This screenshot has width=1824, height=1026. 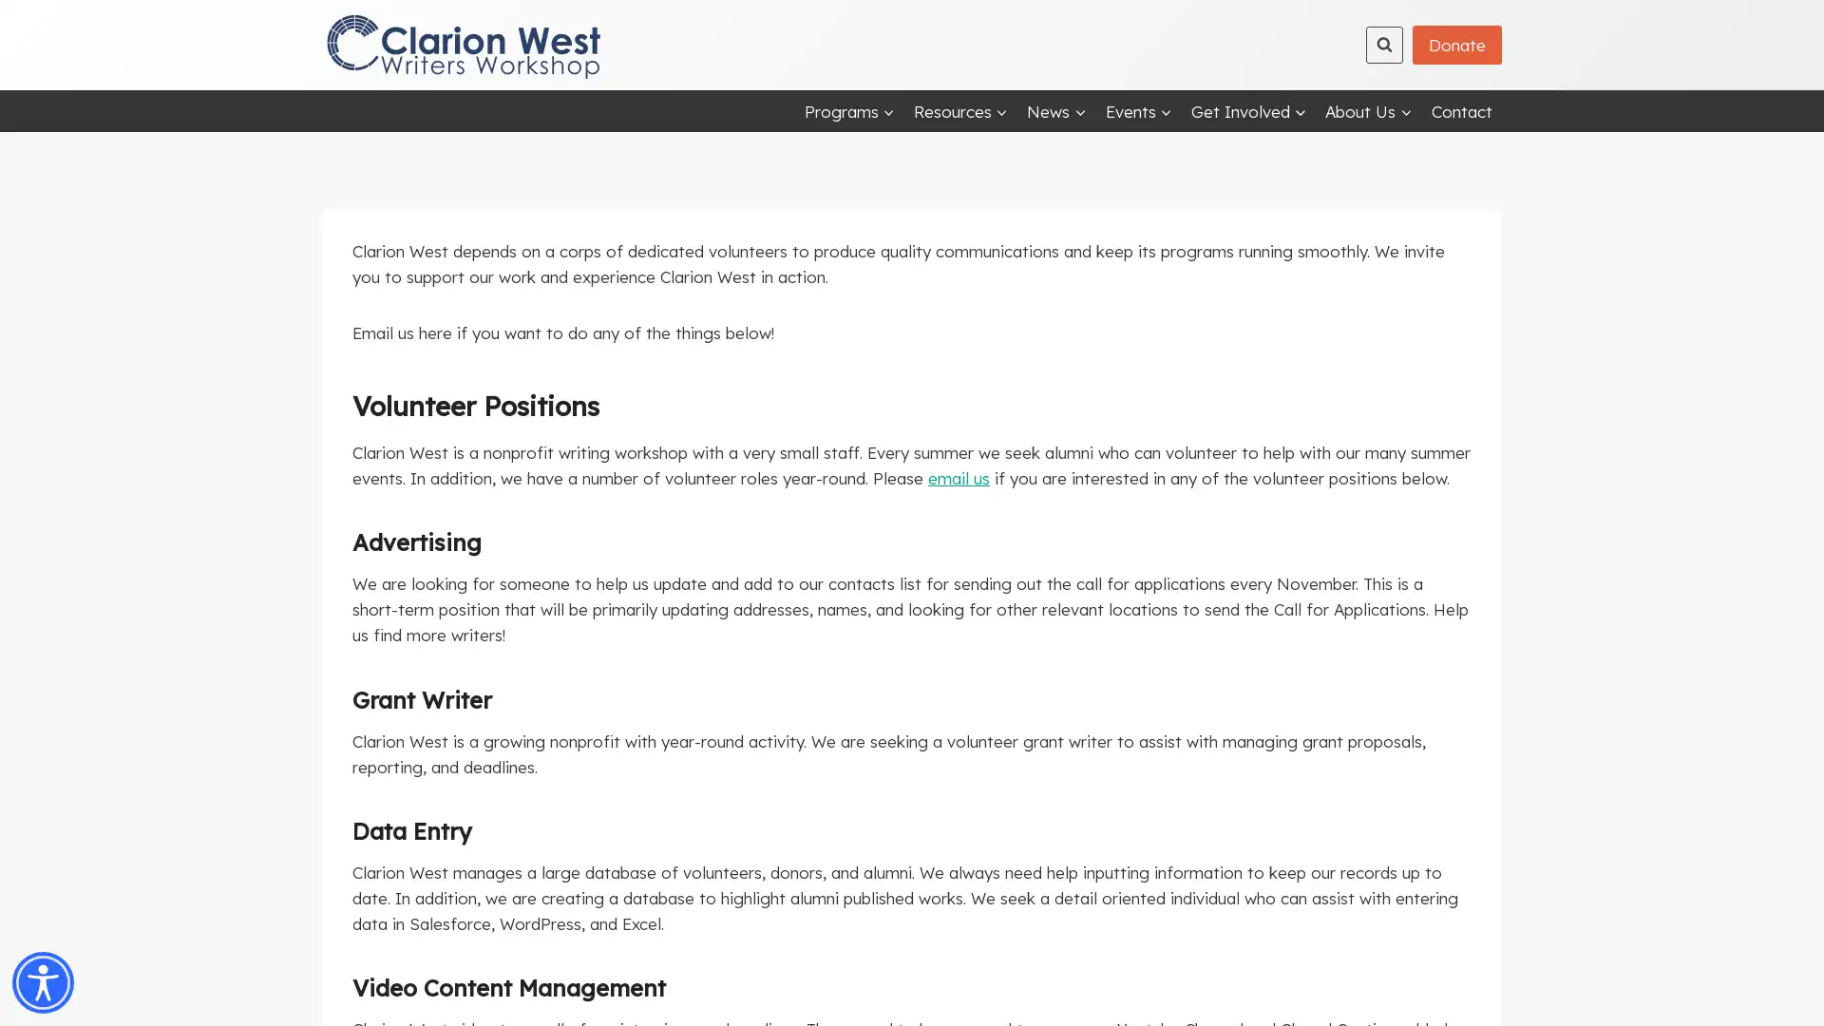 What do you see at coordinates (43, 982) in the screenshot?
I see `Accessibility Menu` at bounding box center [43, 982].